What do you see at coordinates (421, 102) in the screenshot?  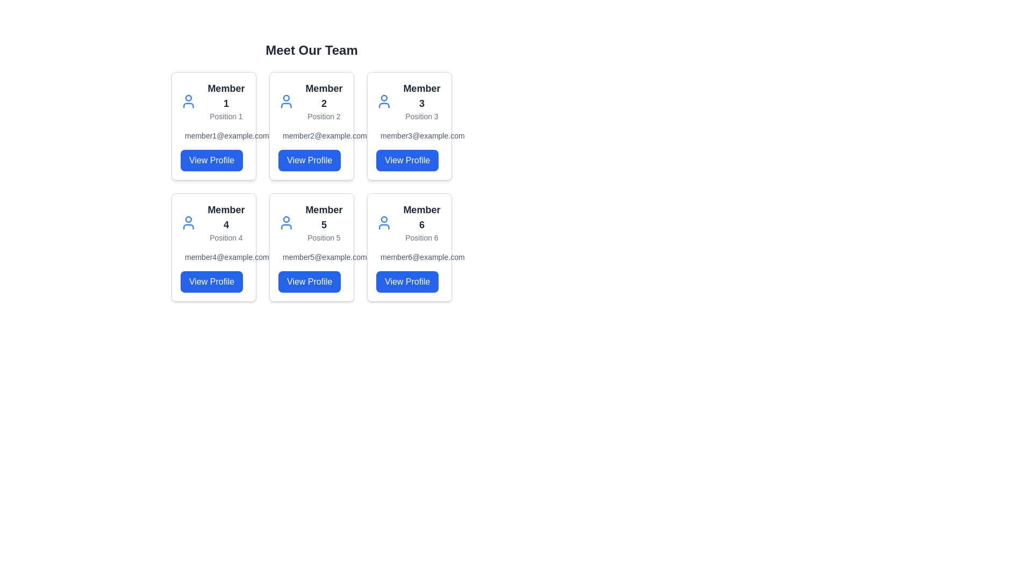 I see `the text label displaying 'Member 3' with the description 'Position 3', located in the third card of the top row under the 'Meet Our Team' heading` at bounding box center [421, 102].